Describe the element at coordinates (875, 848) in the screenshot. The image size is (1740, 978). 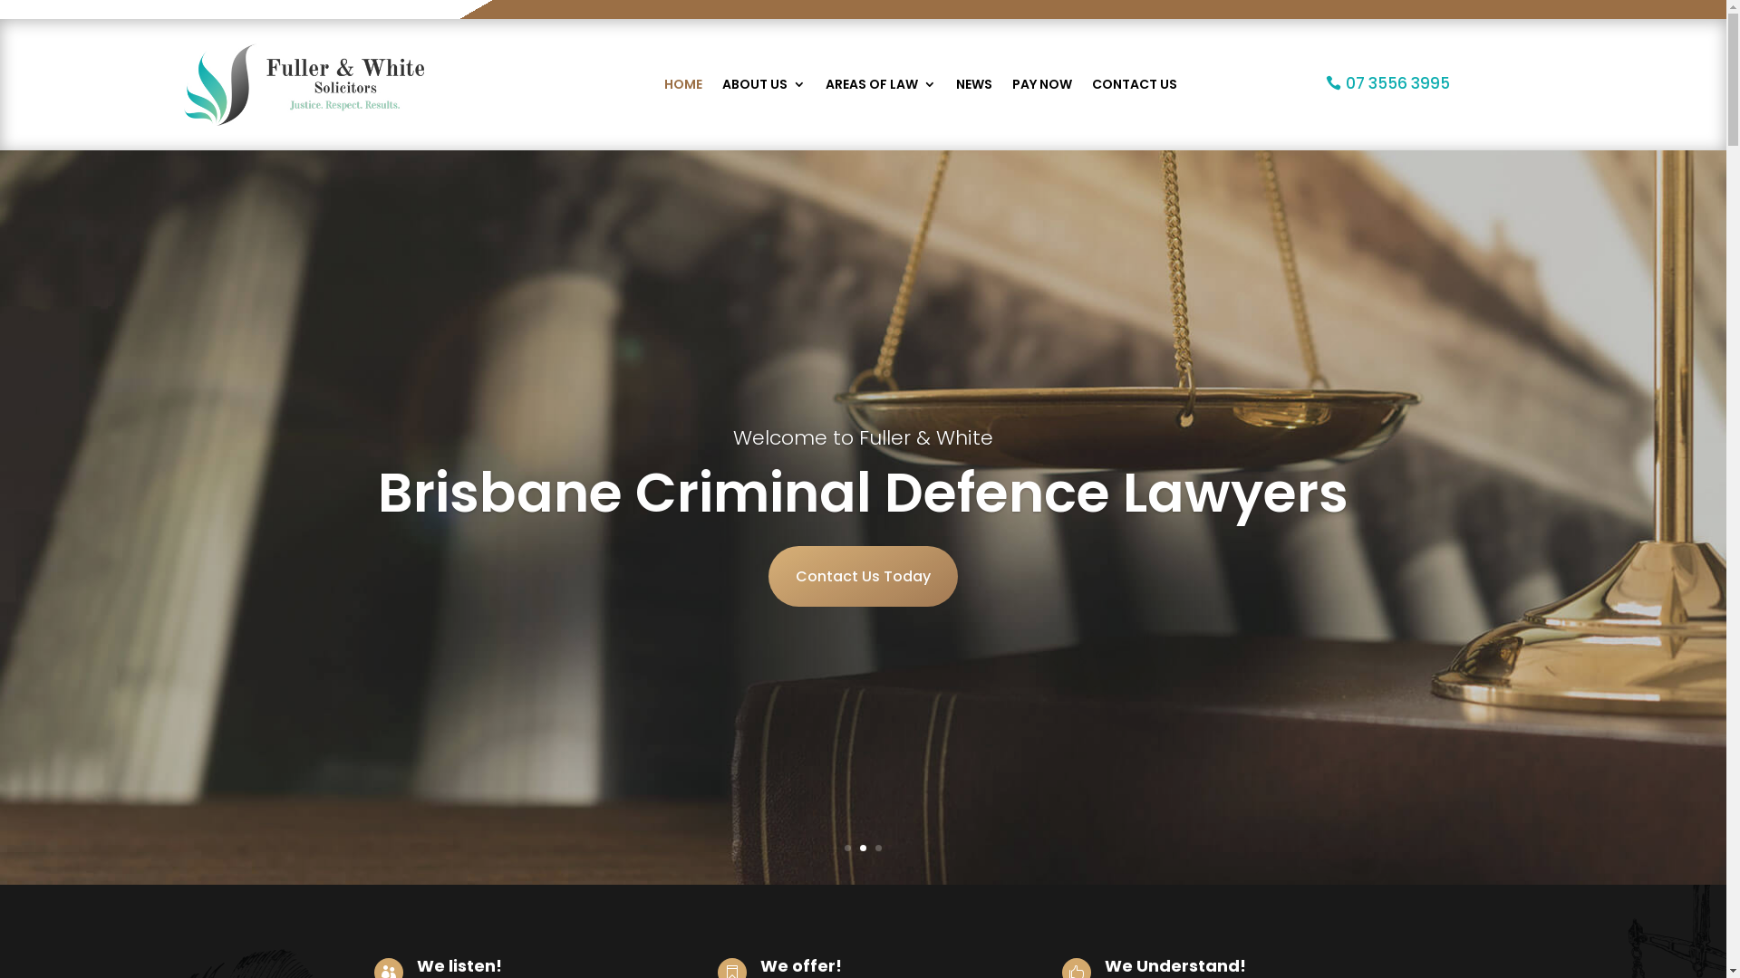
I see `'3'` at that location.